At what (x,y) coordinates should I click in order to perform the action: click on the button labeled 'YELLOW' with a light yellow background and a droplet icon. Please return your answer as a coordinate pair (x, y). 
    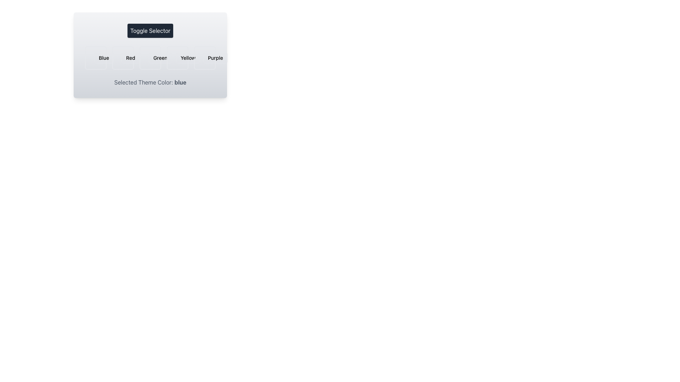
    Looking at the image, I should click on (177, 58).